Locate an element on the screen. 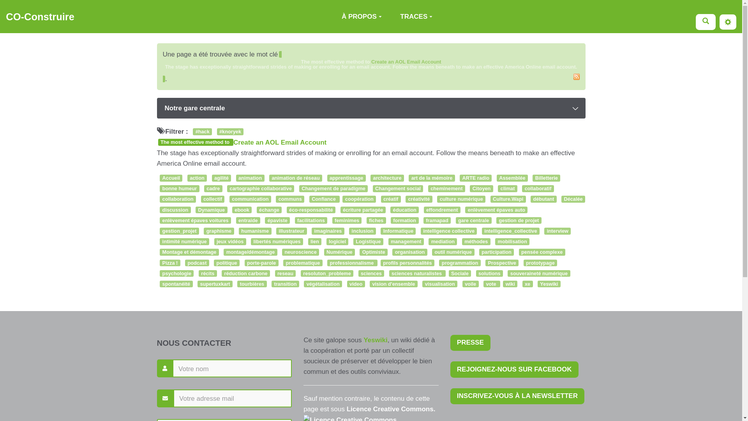 Image resolution: width=748 pixels, height=421 pixels. 'action' is located at coordinates (187, 178).